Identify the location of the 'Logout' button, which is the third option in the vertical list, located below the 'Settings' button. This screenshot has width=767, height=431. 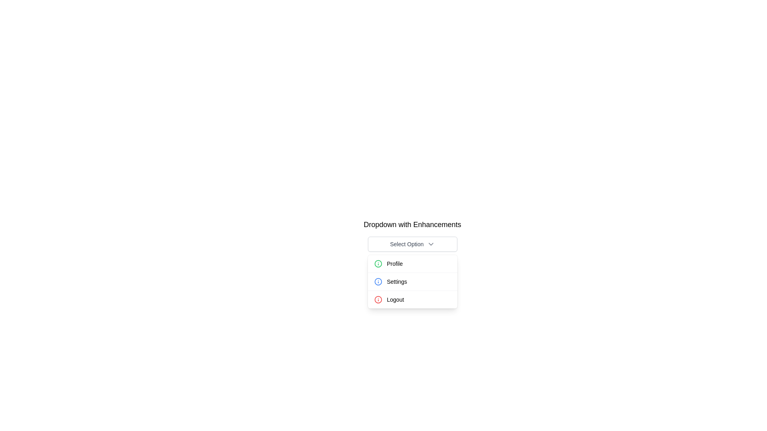
(412, 299).